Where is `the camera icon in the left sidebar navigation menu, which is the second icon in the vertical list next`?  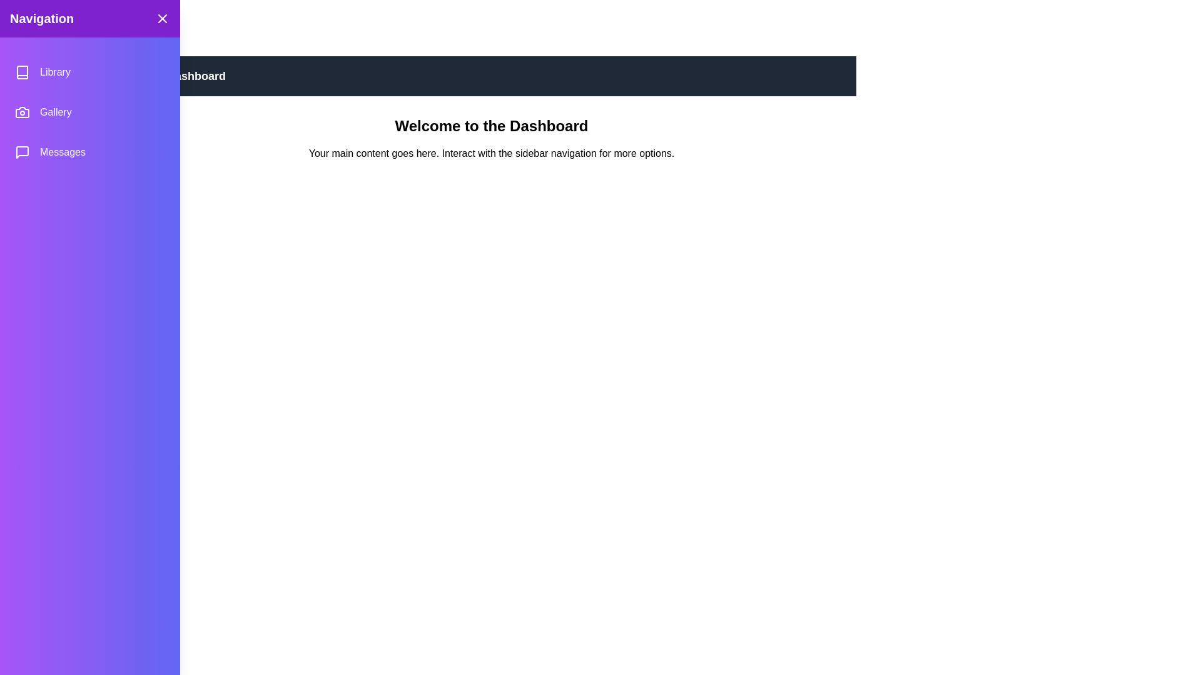
the camera icon in the left sidebar navigation menu, which is the second icon in the vertical list next is located at coordinates (22, 112).